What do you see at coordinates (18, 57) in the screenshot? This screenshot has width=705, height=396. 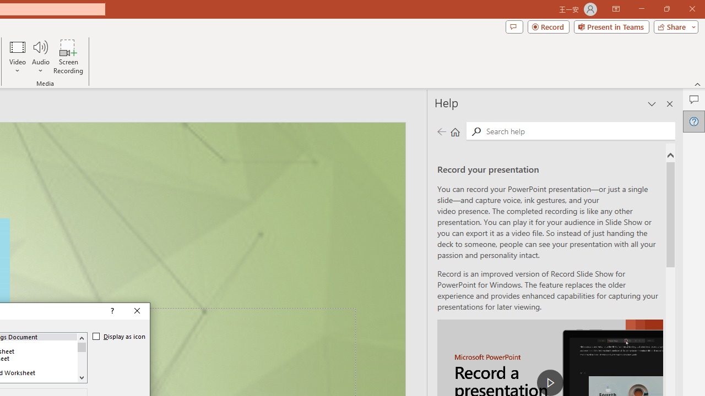 I see `'Video'` at bounding box center [18, 57].